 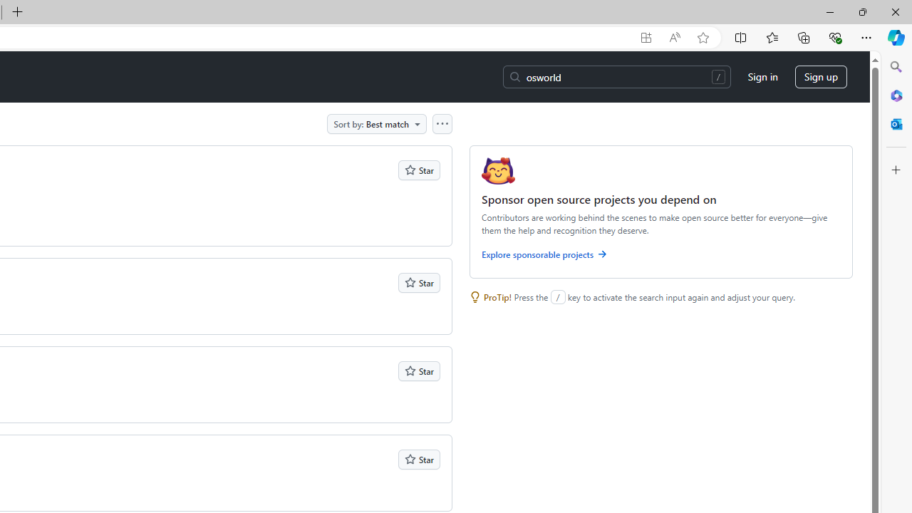 What do you see at coordinates (804, 36) in the screenshot?
I see `'Collections'` at bounding box center [804, 36].